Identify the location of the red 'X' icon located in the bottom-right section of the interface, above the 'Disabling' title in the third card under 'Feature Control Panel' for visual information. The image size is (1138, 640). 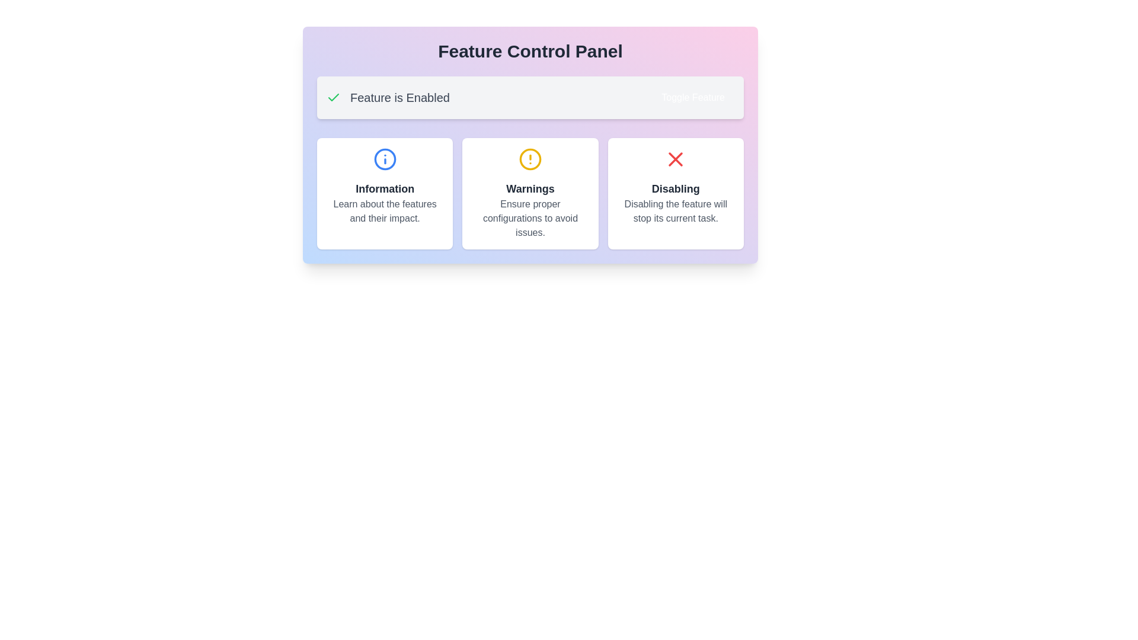
(676, 159).